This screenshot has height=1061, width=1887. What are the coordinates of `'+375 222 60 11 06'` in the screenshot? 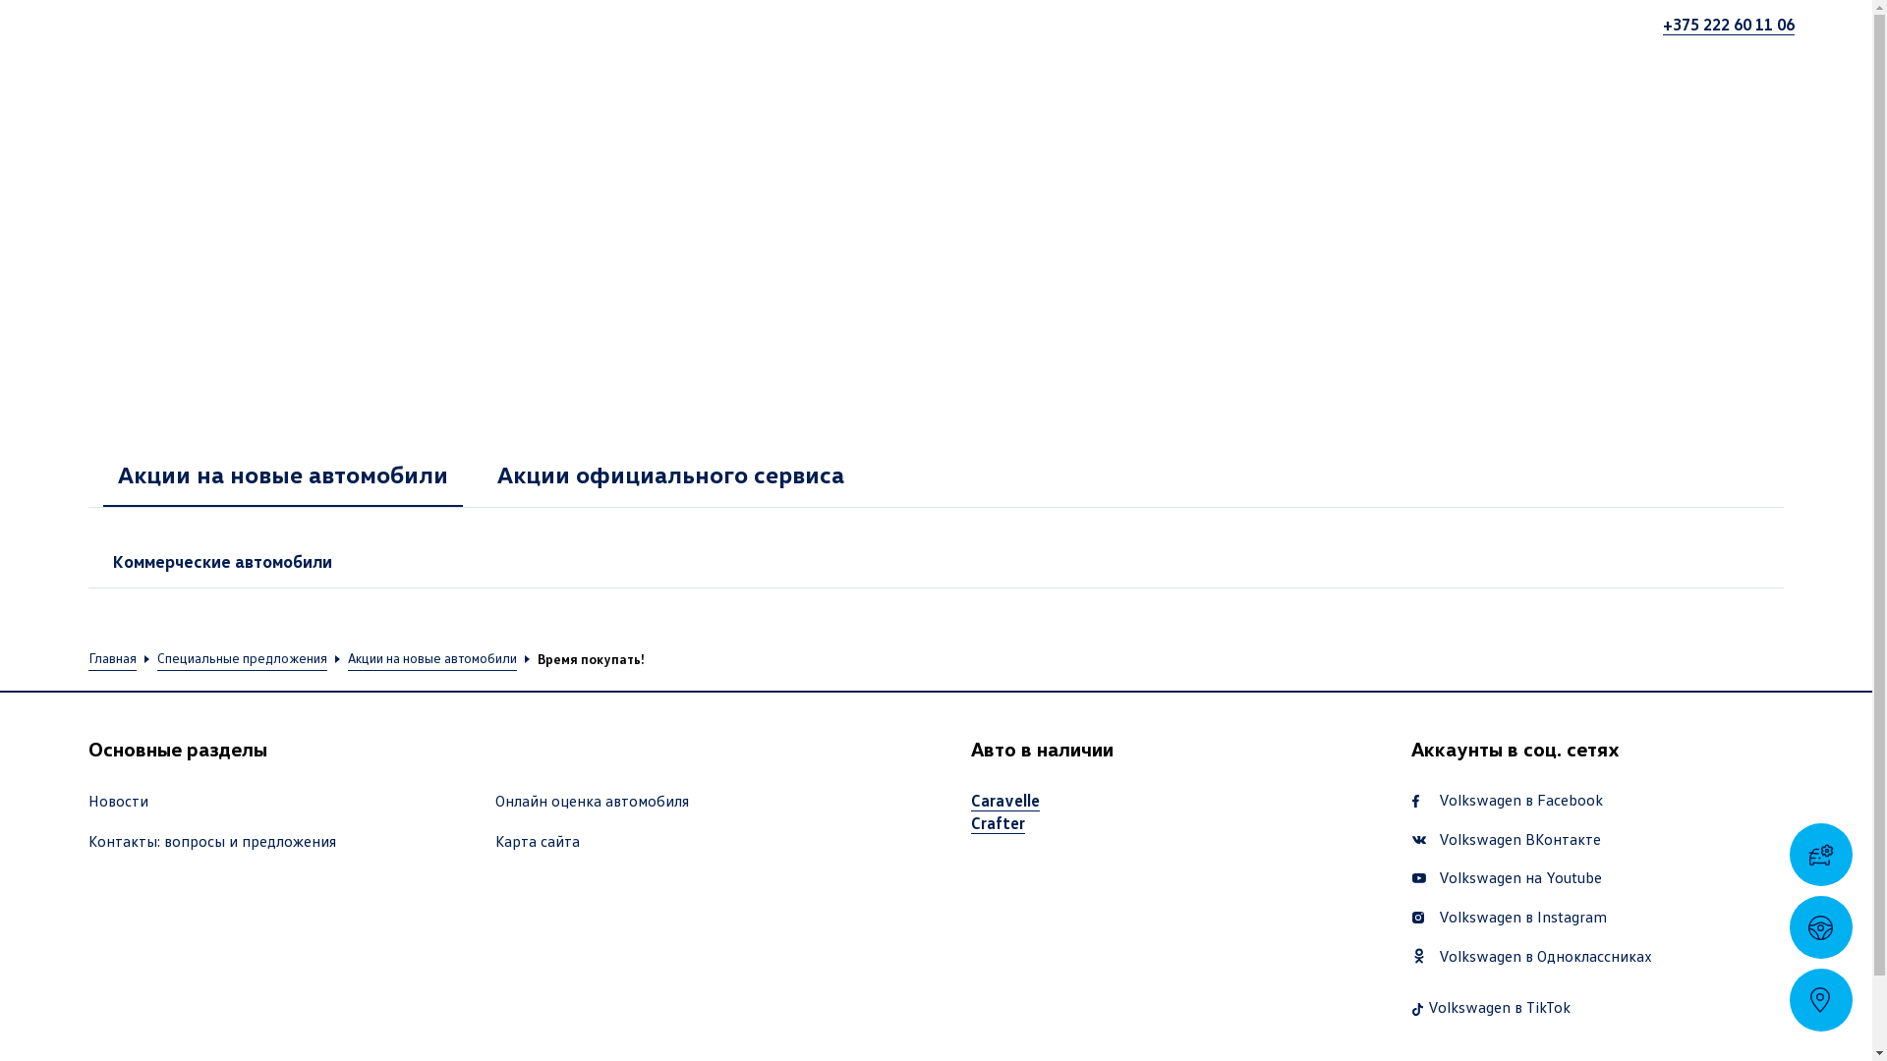 It's located at (1727, 24).